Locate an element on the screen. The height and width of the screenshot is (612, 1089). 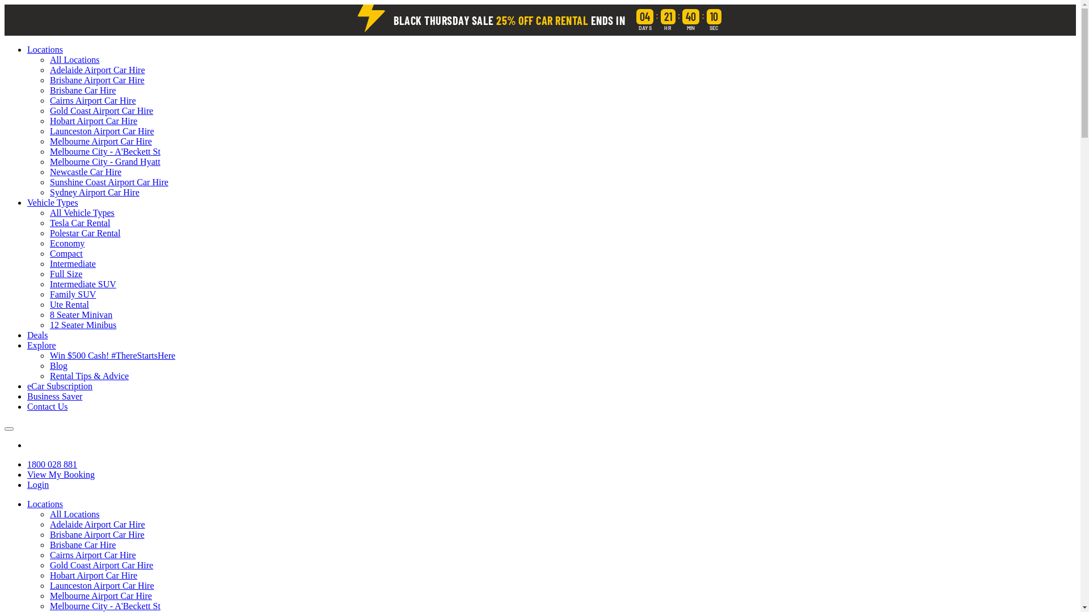
'Compact' is located at coordinates (49, 253).